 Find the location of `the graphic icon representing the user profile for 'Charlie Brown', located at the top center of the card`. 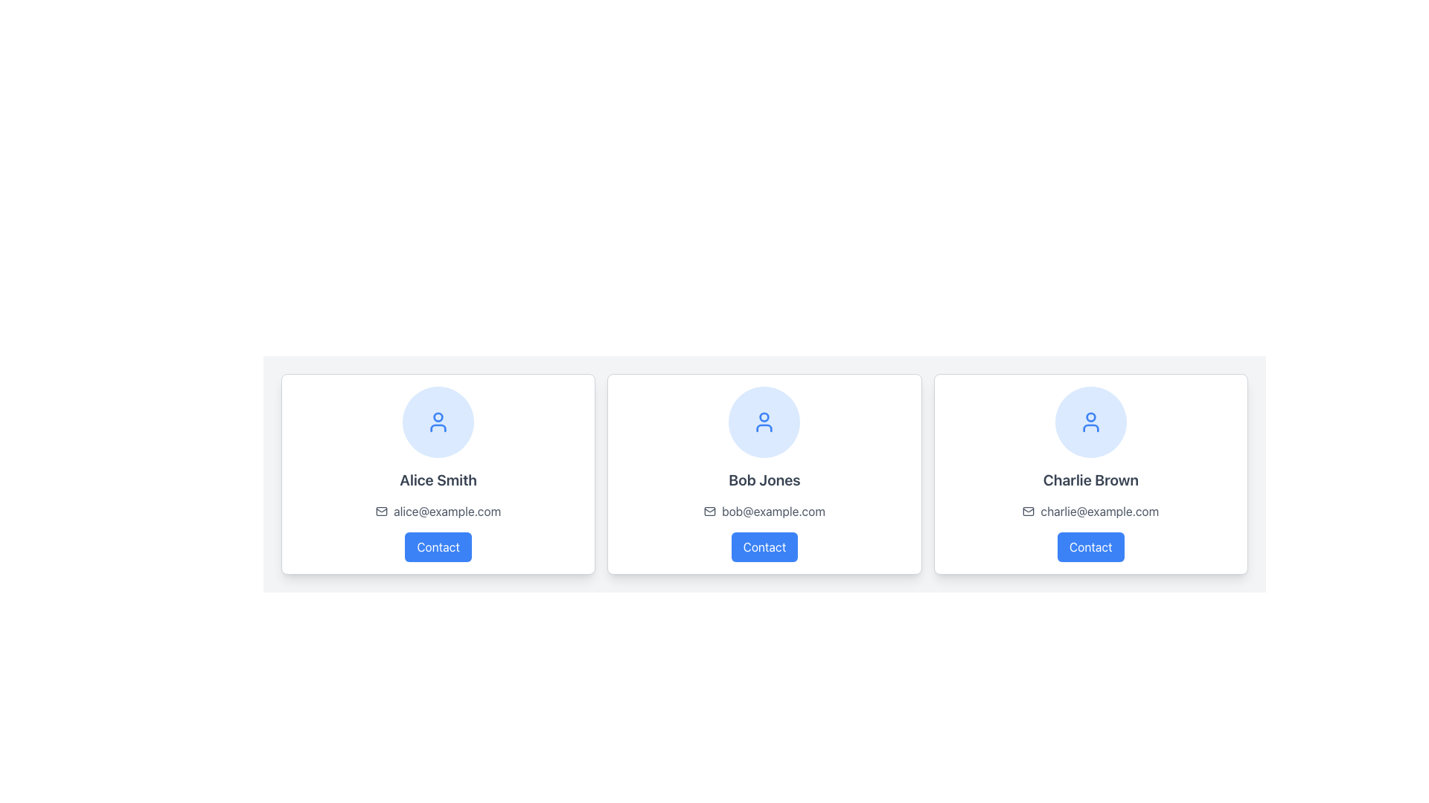

the graphic icon representing the user profile for 'Charlie Brown', located at the top center of the card is located at coordinates (1090, 422).